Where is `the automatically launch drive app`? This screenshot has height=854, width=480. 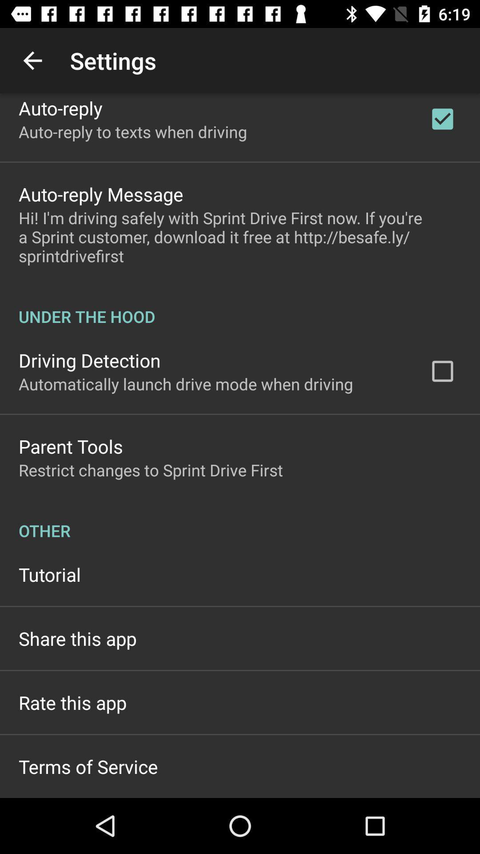 the automatically launch drive app is located at coordinates (185, 384).